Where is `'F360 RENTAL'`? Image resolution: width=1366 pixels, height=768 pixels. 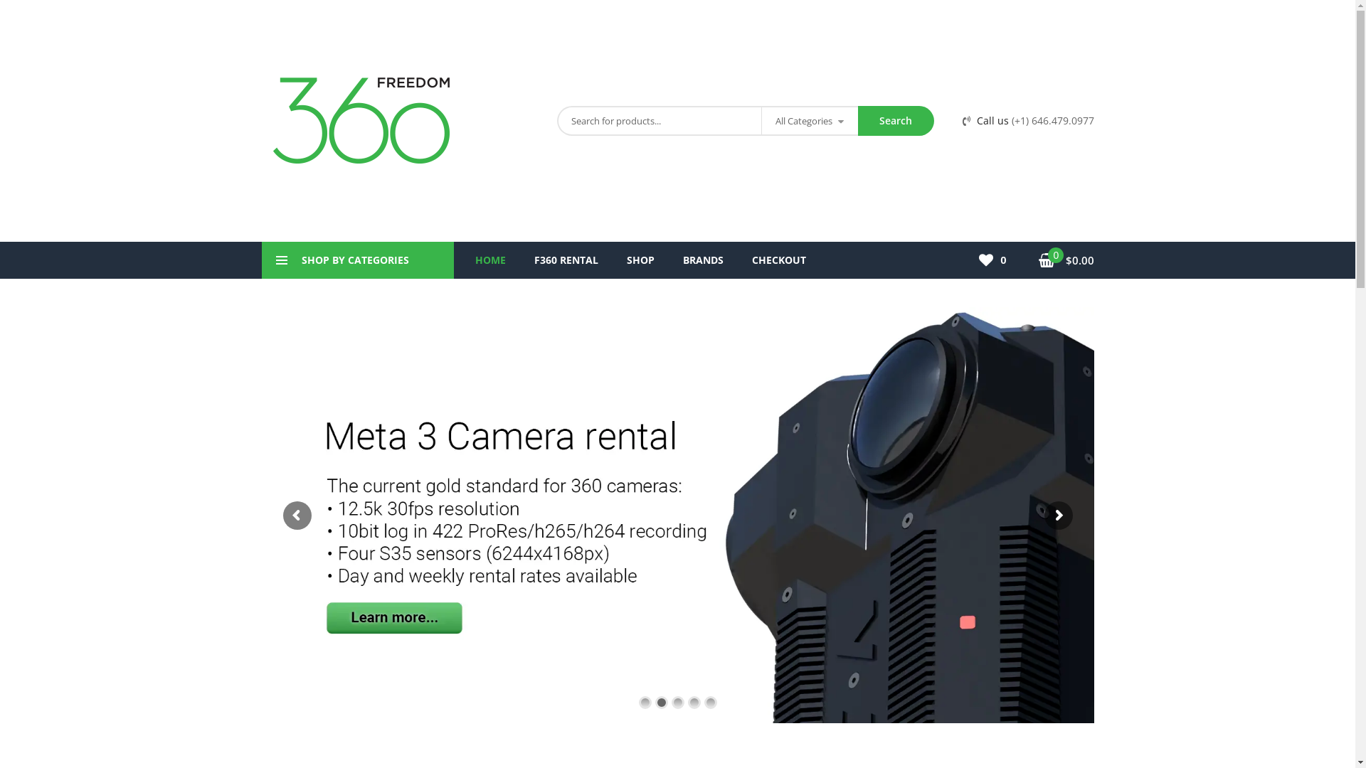
'F360 RENTAL' is located at coordinates (565, 260).